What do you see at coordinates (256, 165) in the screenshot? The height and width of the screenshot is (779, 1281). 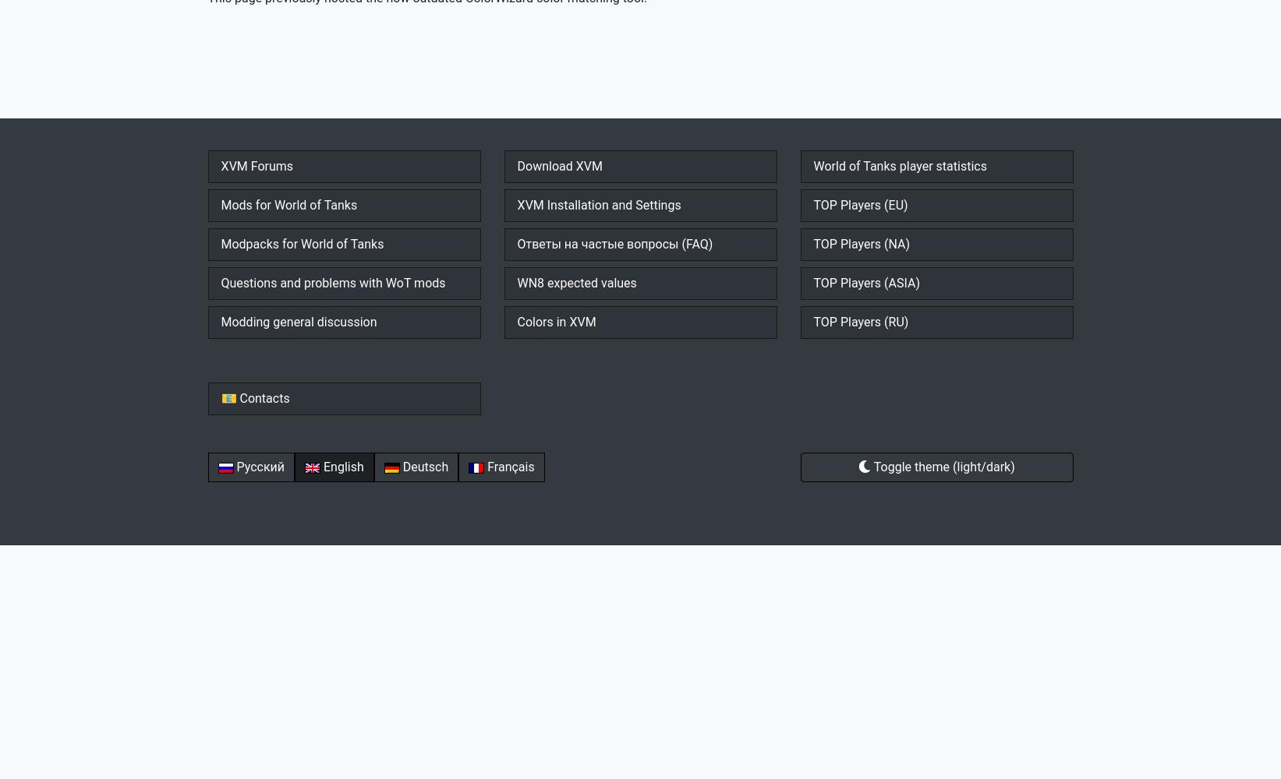 I see `'XVM Forums'` at bounding box center [256, 165].